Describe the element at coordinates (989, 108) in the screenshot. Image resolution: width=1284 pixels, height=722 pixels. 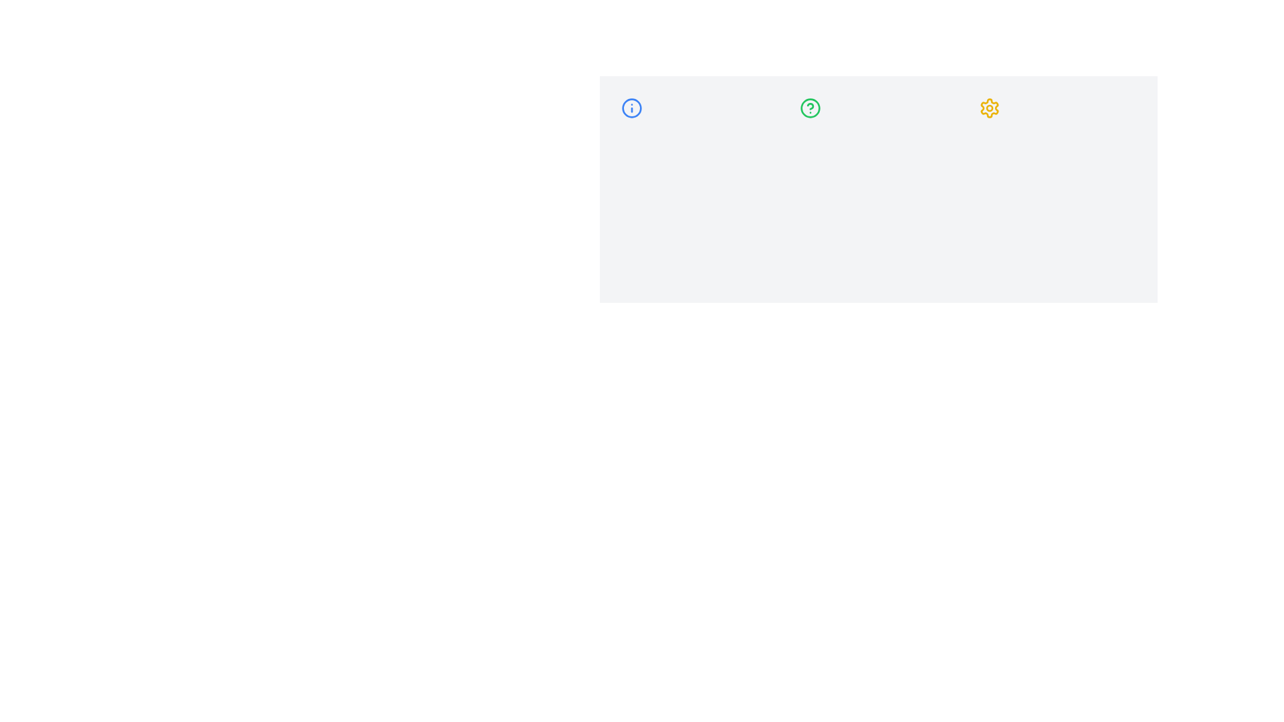
I see `the bright yellow gear-like icon with circular cutouts at the far right of the layout` at that location.